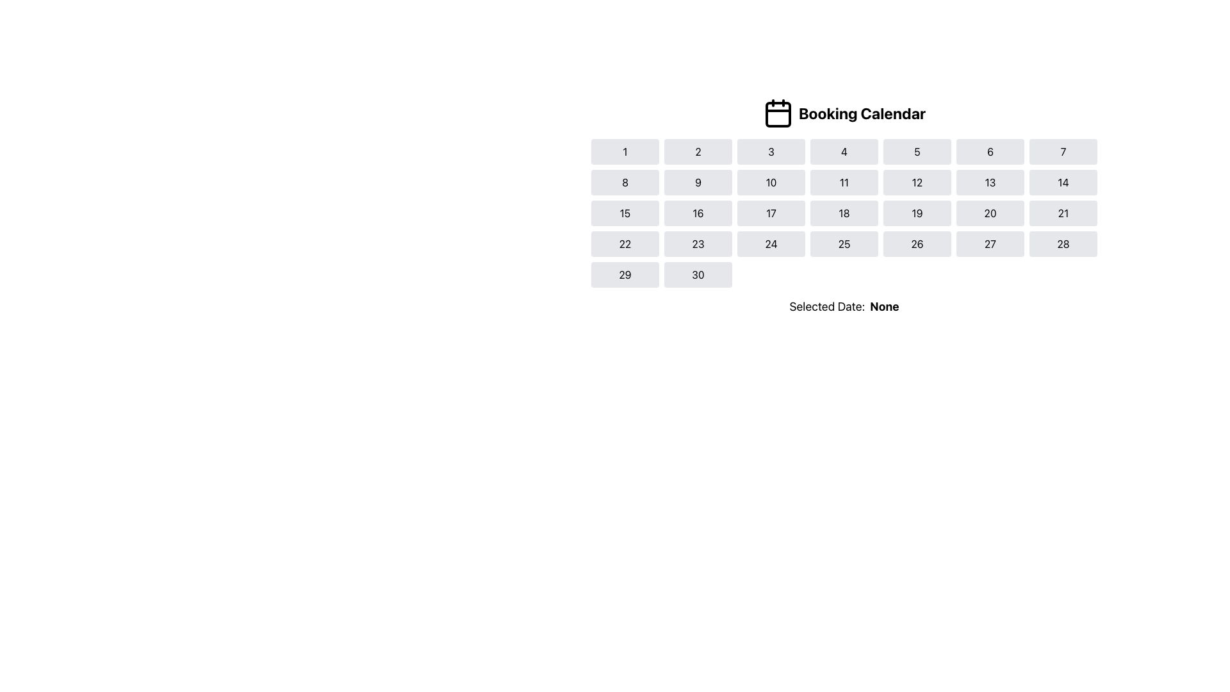  I want to click on the button labeled '9' with a gray background, so click(697, 183).